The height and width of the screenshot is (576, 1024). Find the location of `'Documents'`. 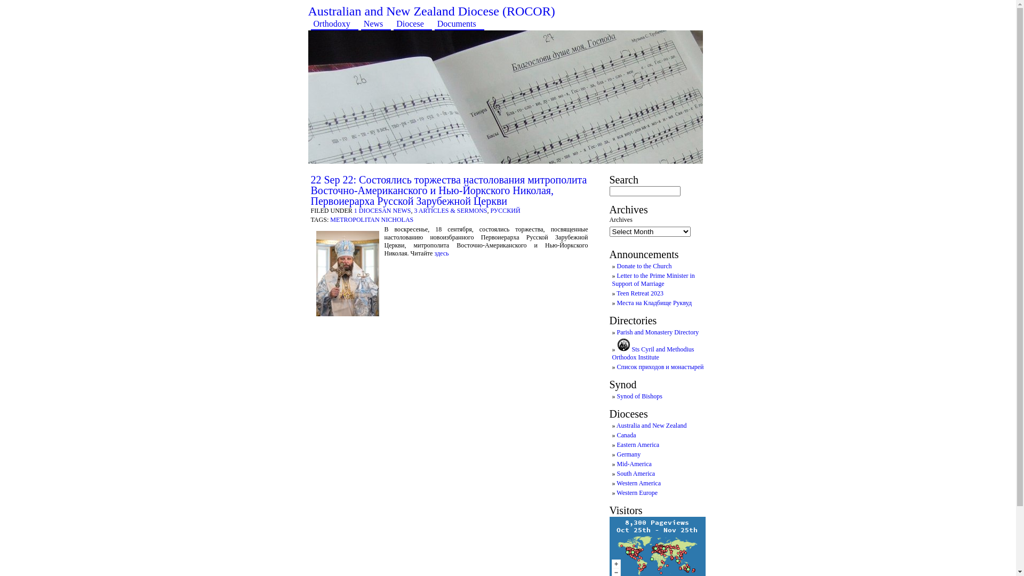

'Documents' is located at coordinates (459, 23).